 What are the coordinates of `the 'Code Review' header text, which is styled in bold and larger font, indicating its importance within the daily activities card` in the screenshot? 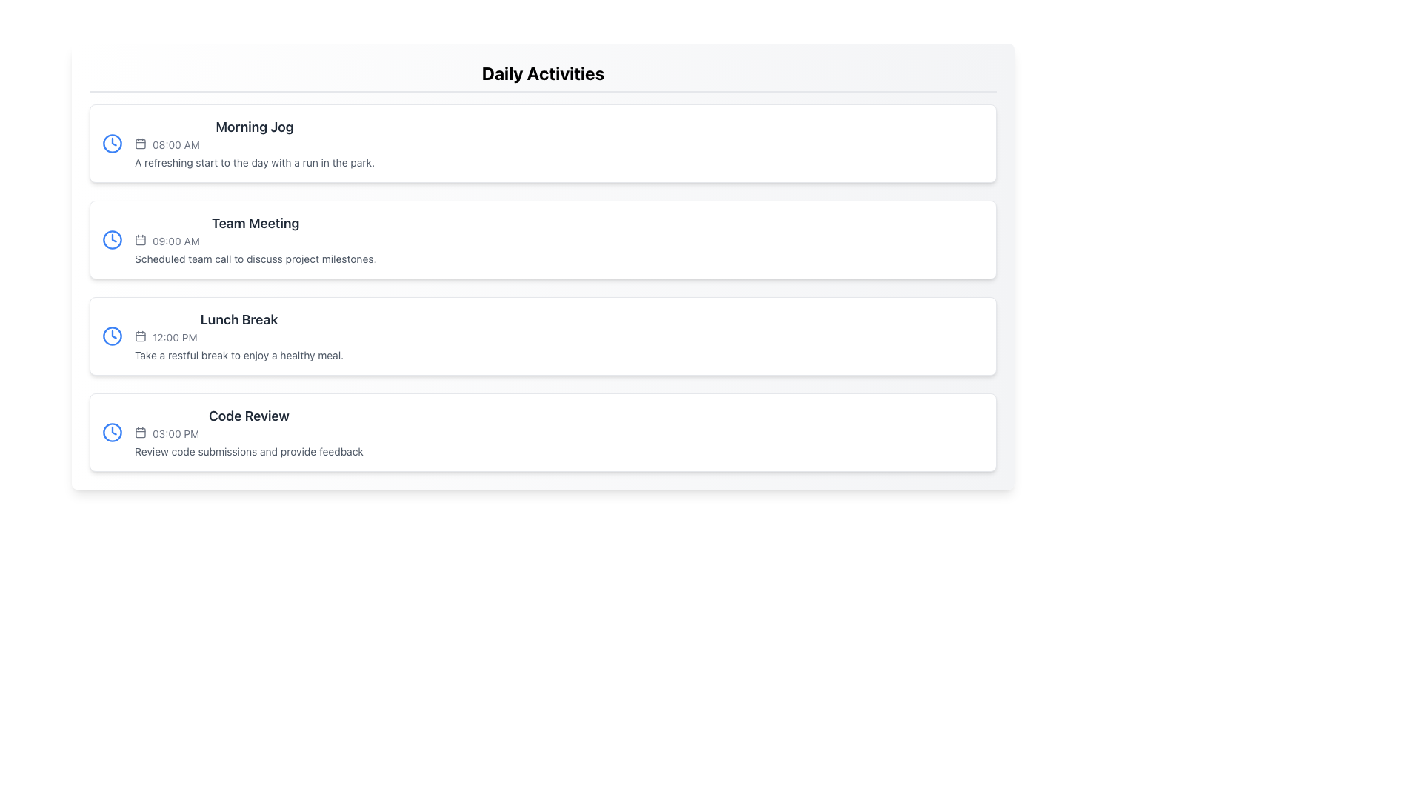 It's located at (249, 416).